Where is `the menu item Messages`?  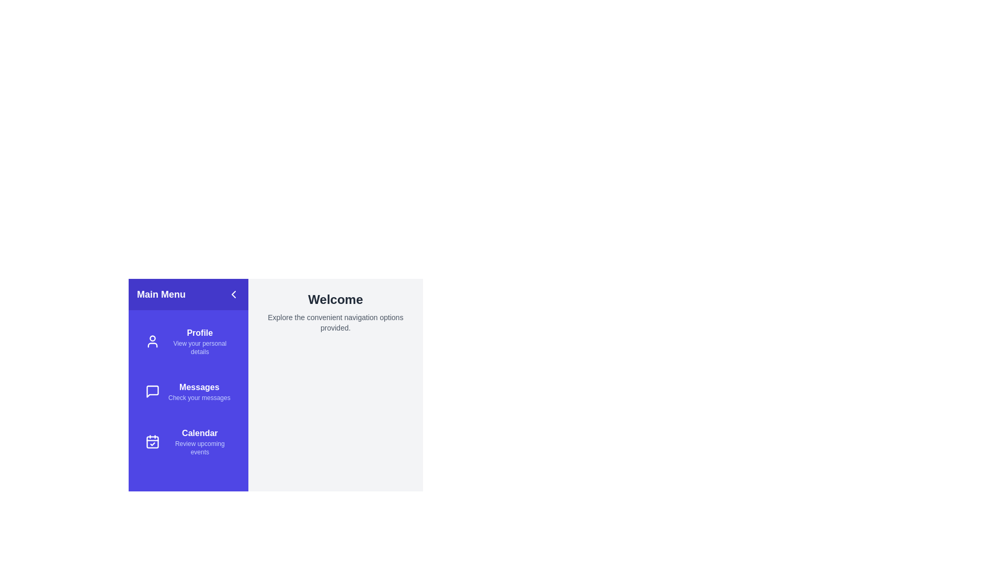 the menu item Messages is located at coordinates (188, 391).